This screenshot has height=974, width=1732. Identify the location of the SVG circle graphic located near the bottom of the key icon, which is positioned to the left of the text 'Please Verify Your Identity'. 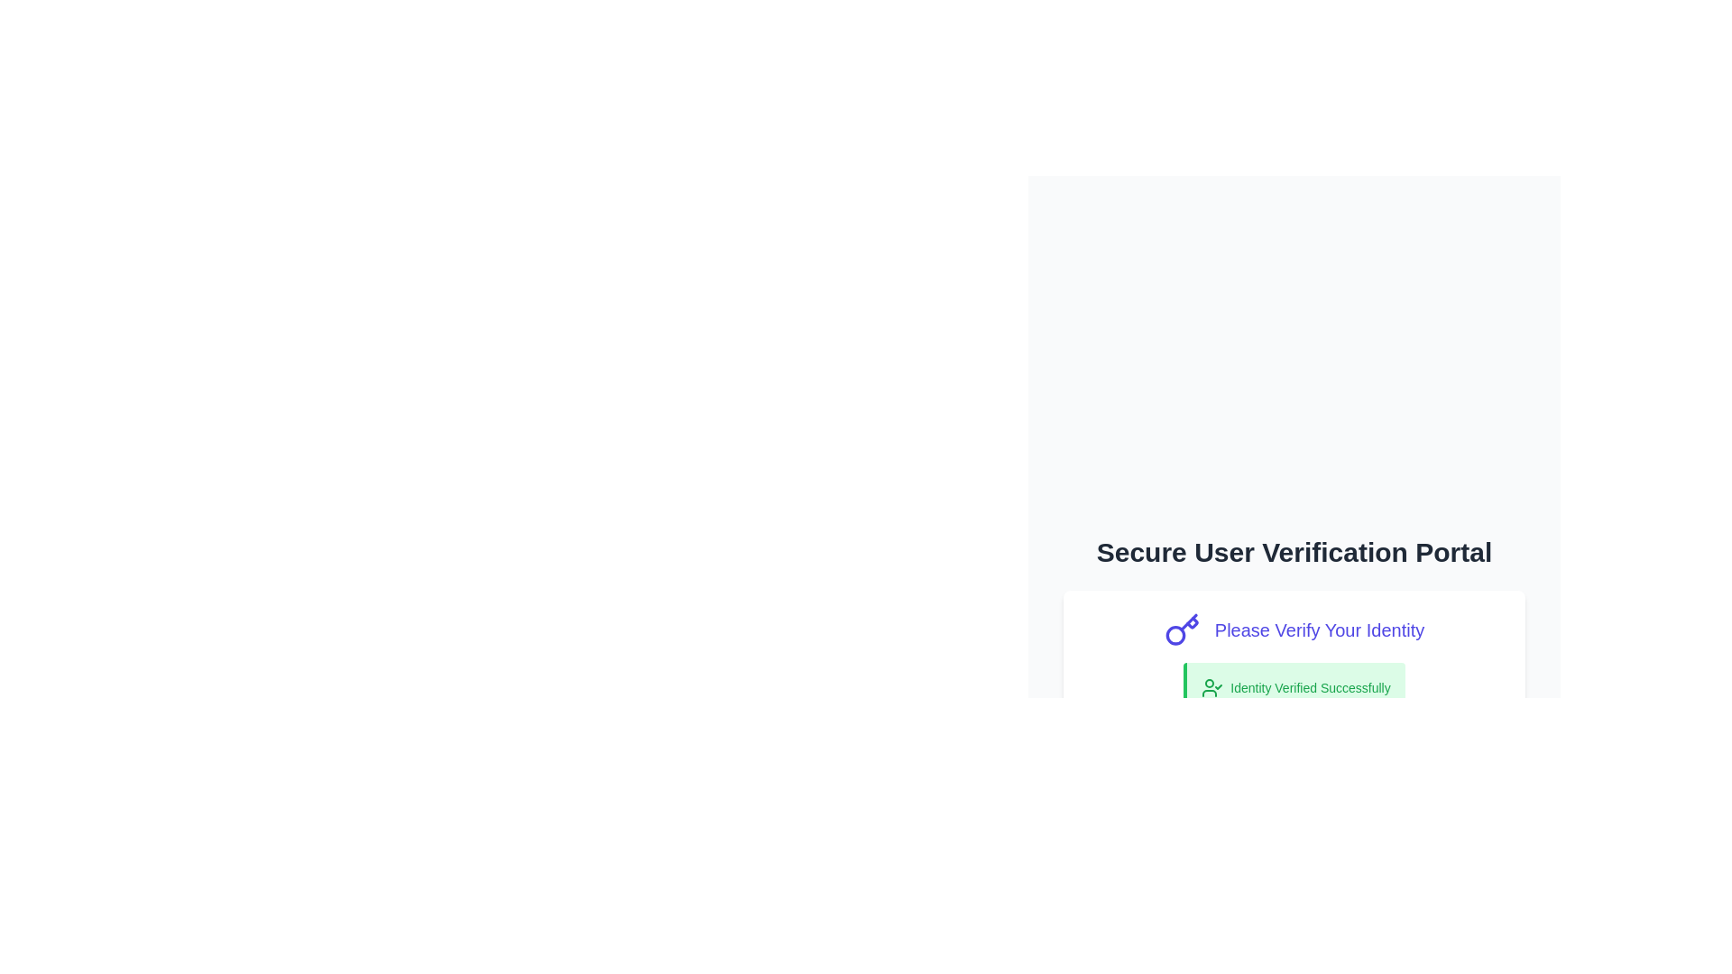
(1175, 634).